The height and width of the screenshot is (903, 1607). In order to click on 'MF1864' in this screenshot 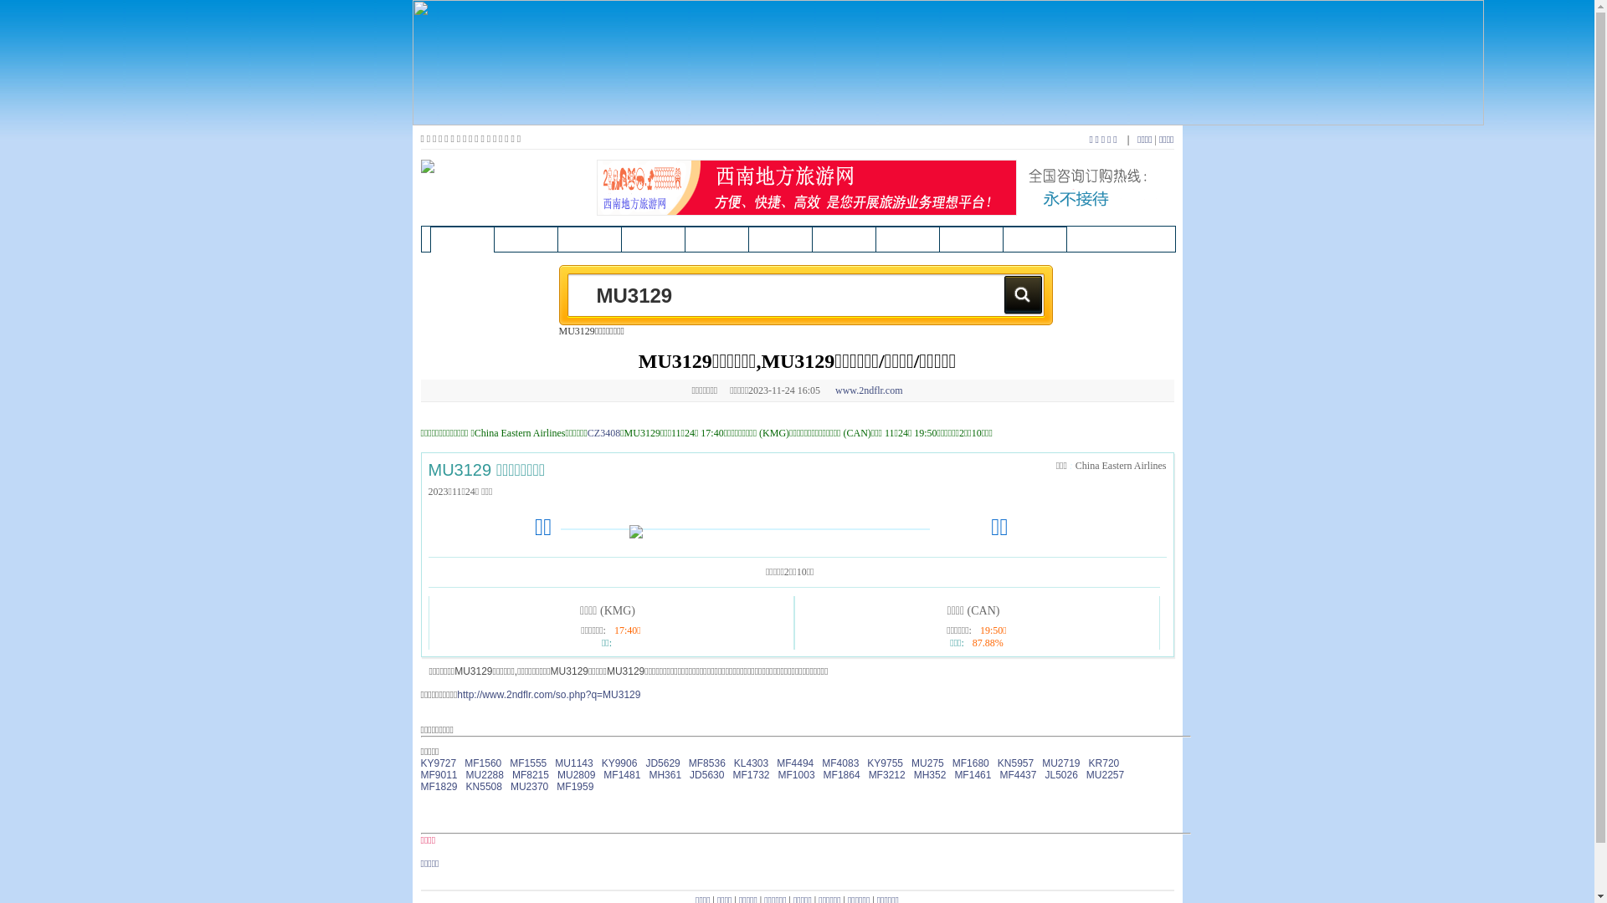, I will do `click(842, 774)`.